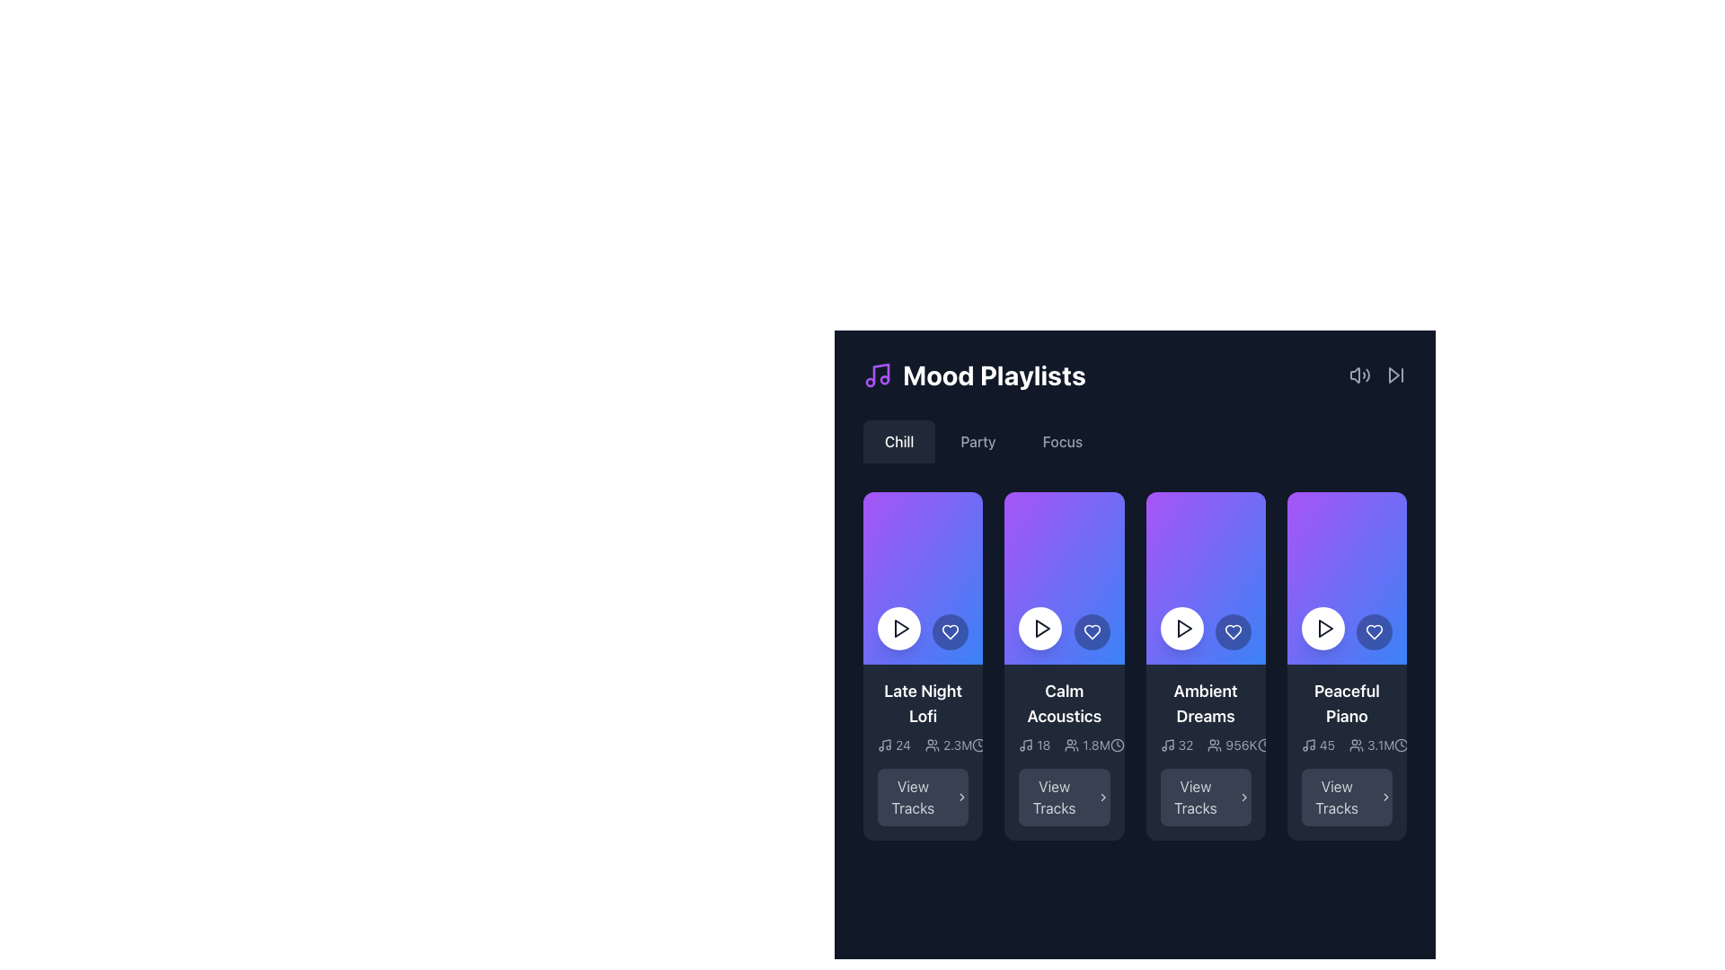 Image resolution: width=1725 pixels, height=970 pixels. Describe the element at coordinates (1232, 631) in the screenshot. I see `the heart-shaped icon in the top-right section of the 'Ambient Dreams' playlist card` at that location.